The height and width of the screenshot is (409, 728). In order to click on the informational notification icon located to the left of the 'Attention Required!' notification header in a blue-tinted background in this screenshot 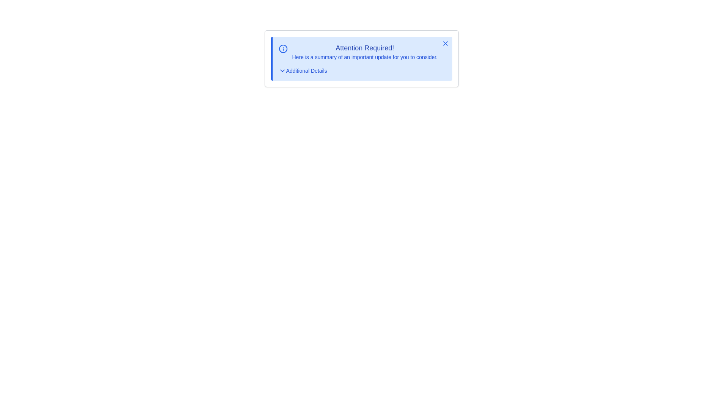, I will do `click(282, 48)`.